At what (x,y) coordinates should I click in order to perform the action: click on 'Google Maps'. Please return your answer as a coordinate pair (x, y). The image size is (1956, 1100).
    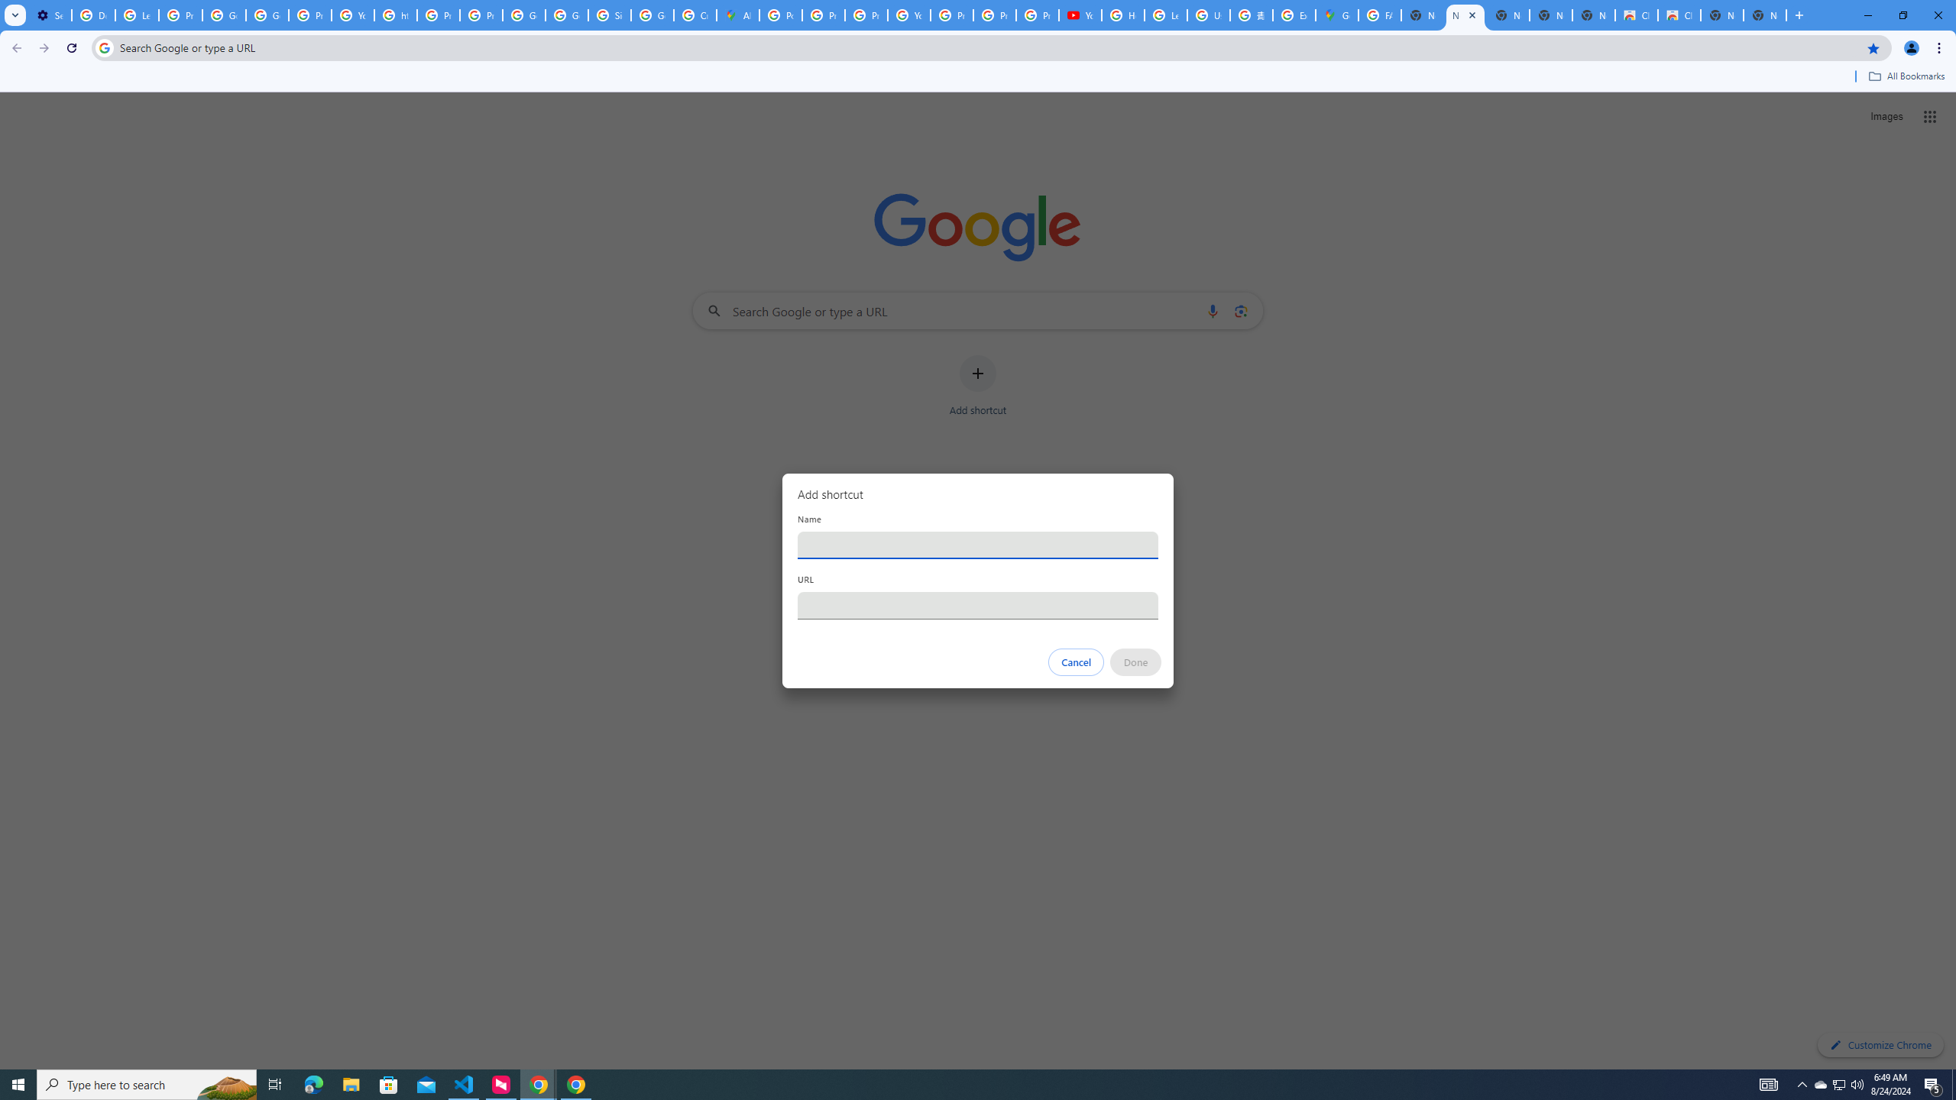
    Looking at the image, I should click on (1336, 15).